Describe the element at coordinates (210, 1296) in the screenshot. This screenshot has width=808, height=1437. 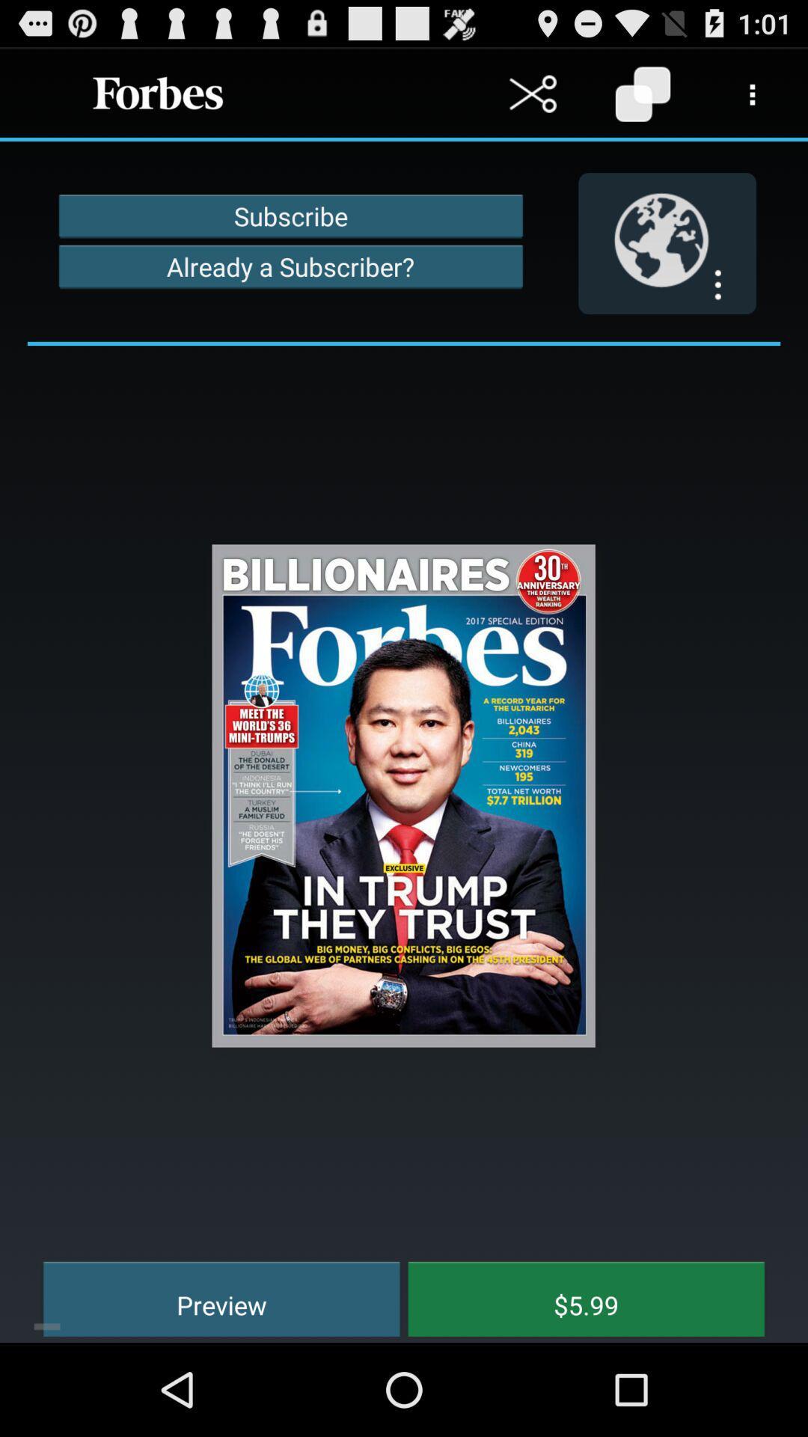
I see `preview at the bottom left corner` at that location.